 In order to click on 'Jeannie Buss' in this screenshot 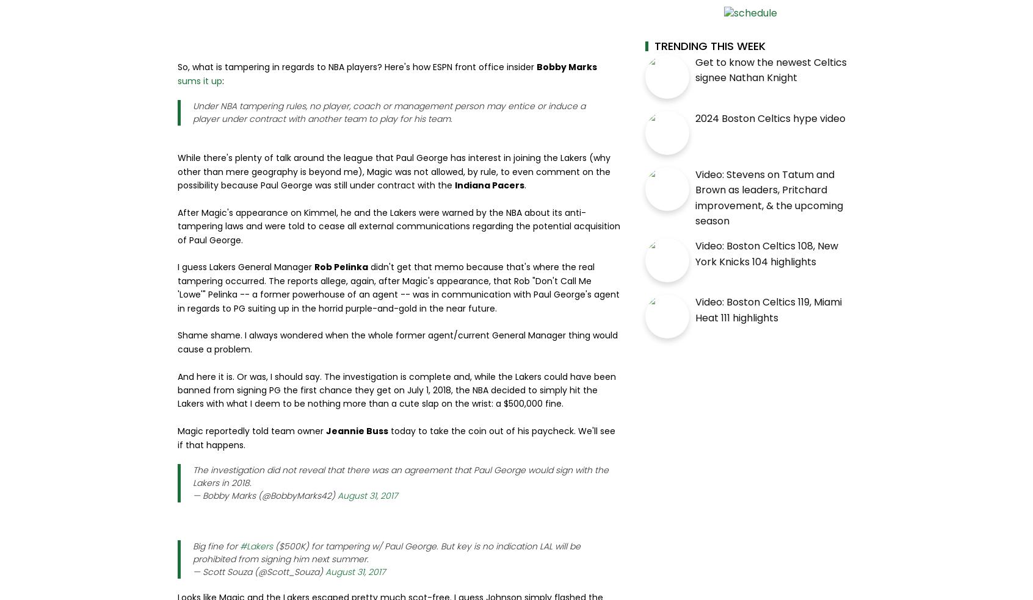, I will do `click(356, 431)`.